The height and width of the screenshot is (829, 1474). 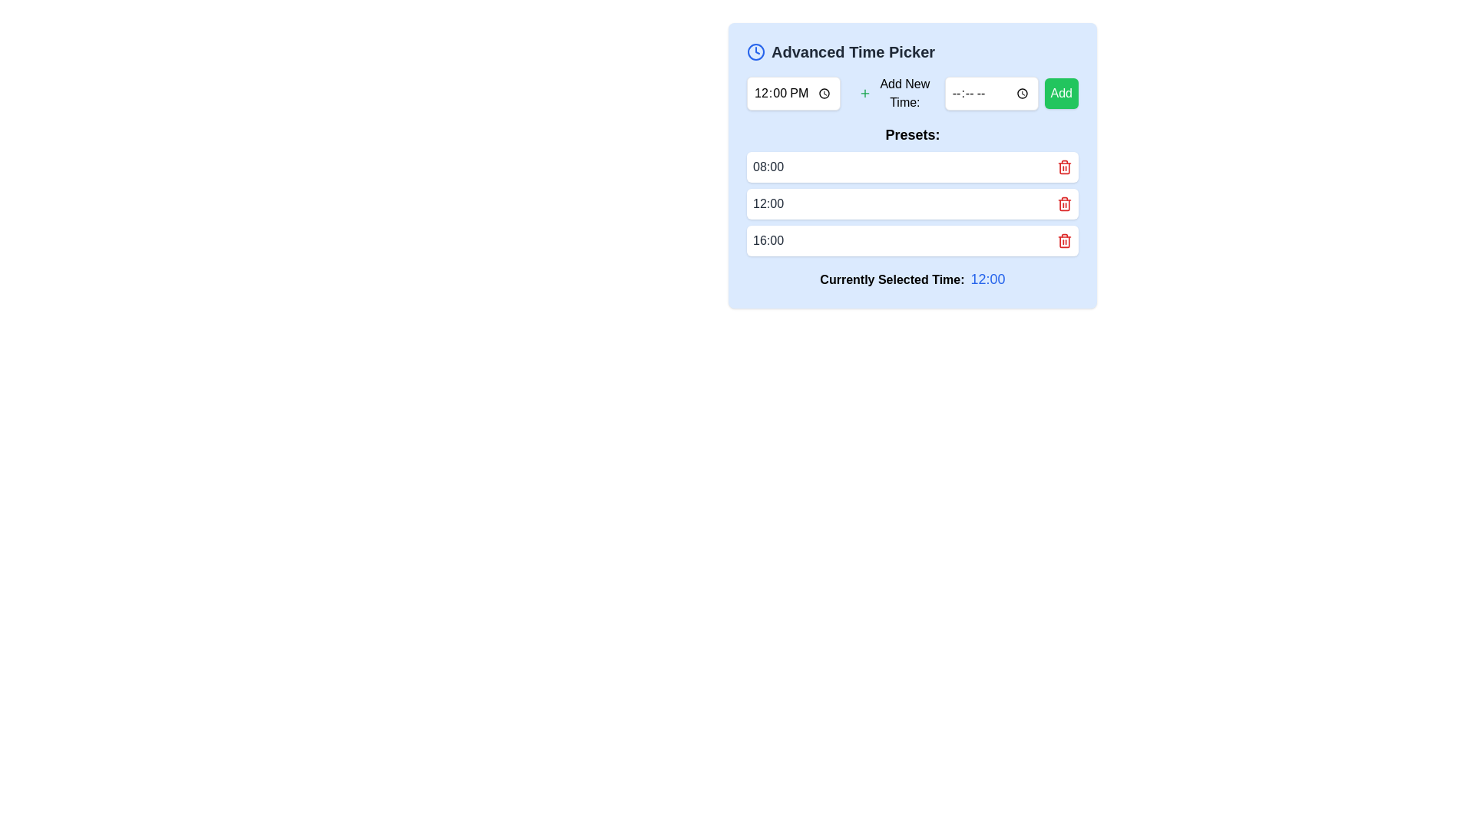 I want to click on the trash can icon button located in the 'Presets' section, so click(x=1064, y=203).